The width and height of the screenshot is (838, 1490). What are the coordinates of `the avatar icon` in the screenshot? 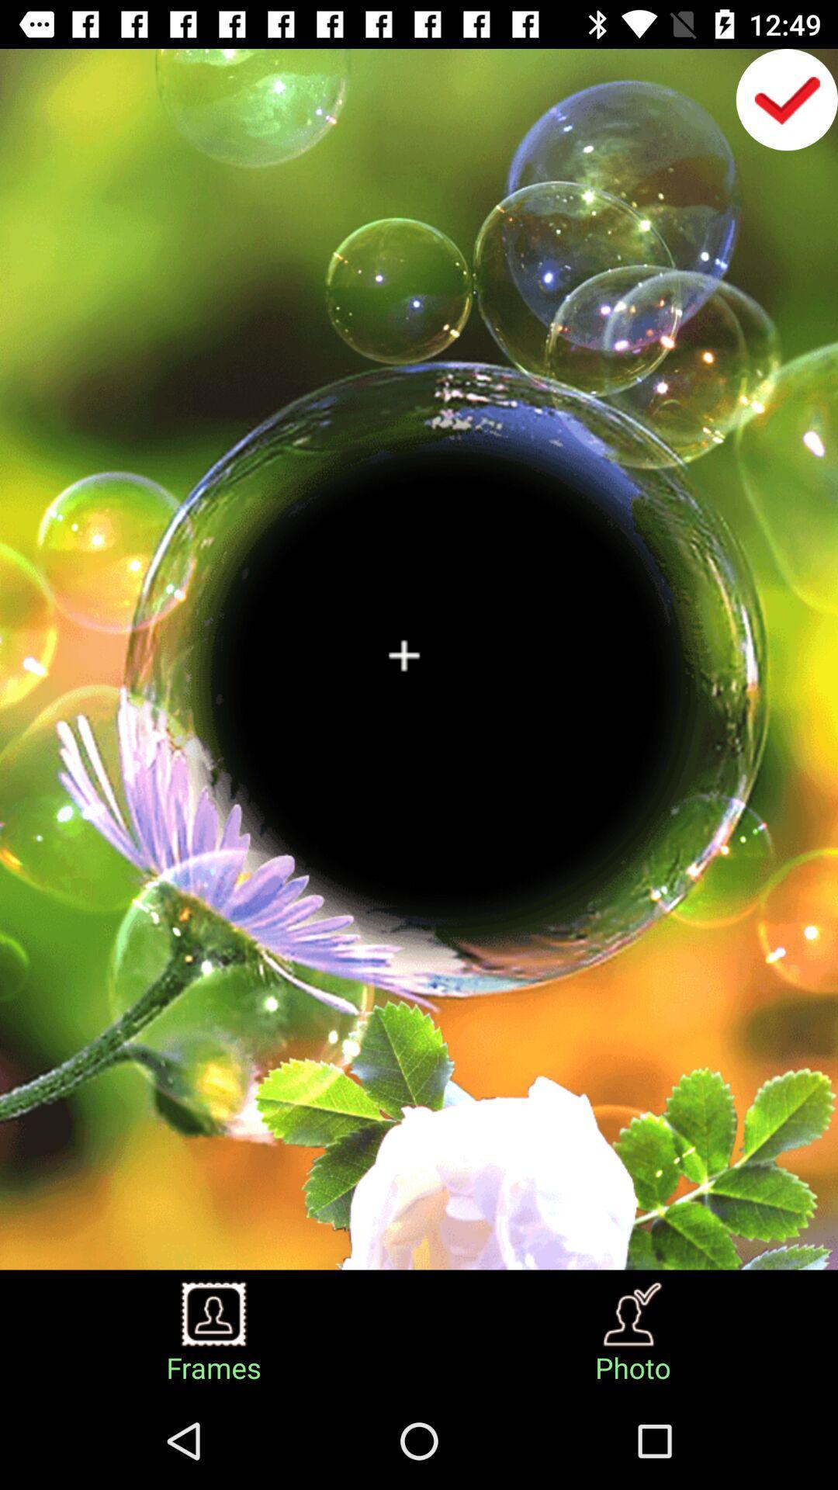 It's located at (632, 1313).